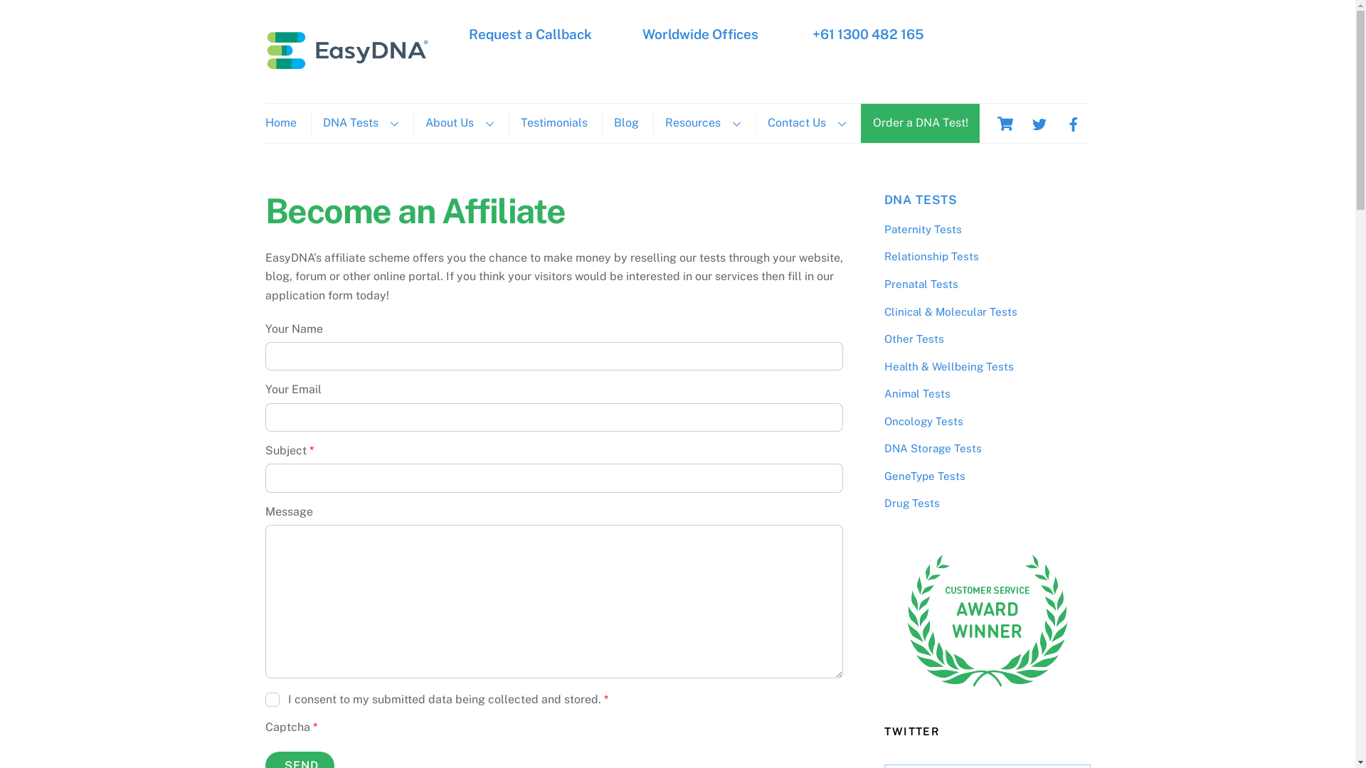 The width and height of the screenshot is (1366, 768). I want to click on ' +61 1300 482 165', so click(809, 33).